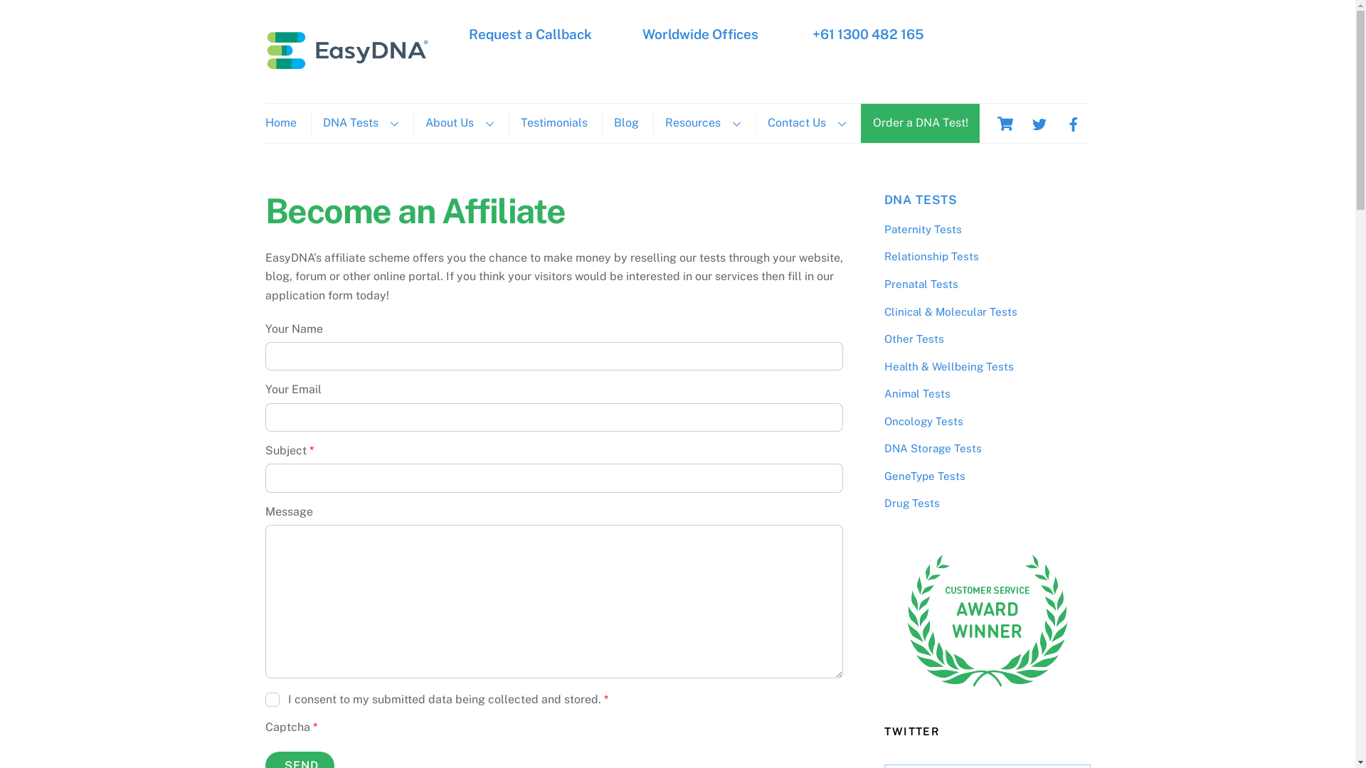 The width and height of the screenshot is (1366, 768). I want to click on ' +61 1300 482 165', so click(809, 33).